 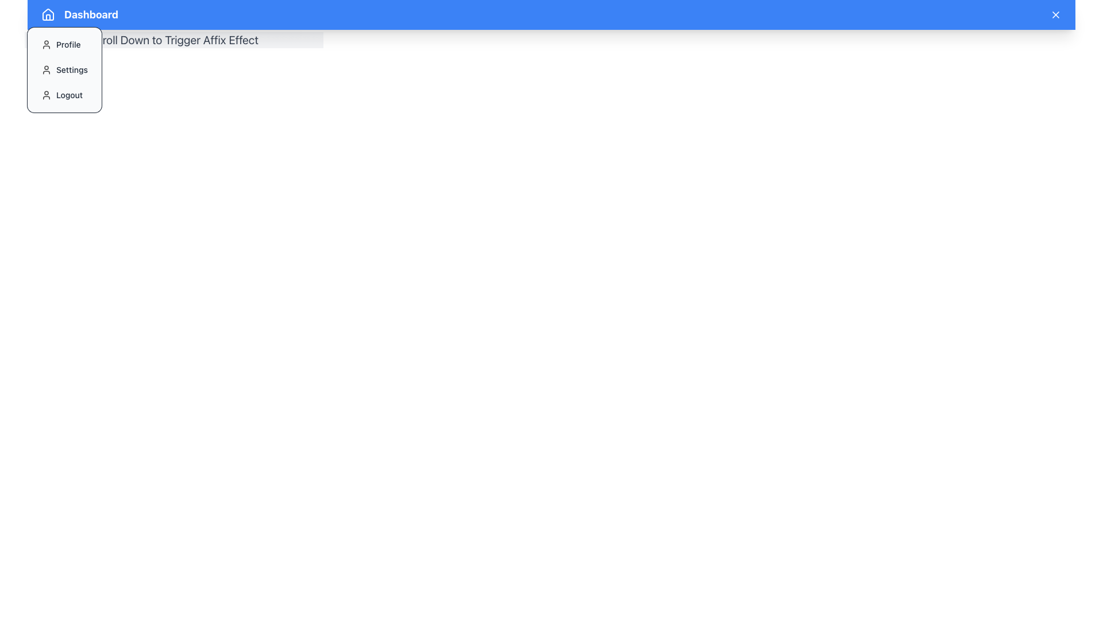 I want to click on the second menu item in the vertical navigation menu, so click(x=64, y=70).